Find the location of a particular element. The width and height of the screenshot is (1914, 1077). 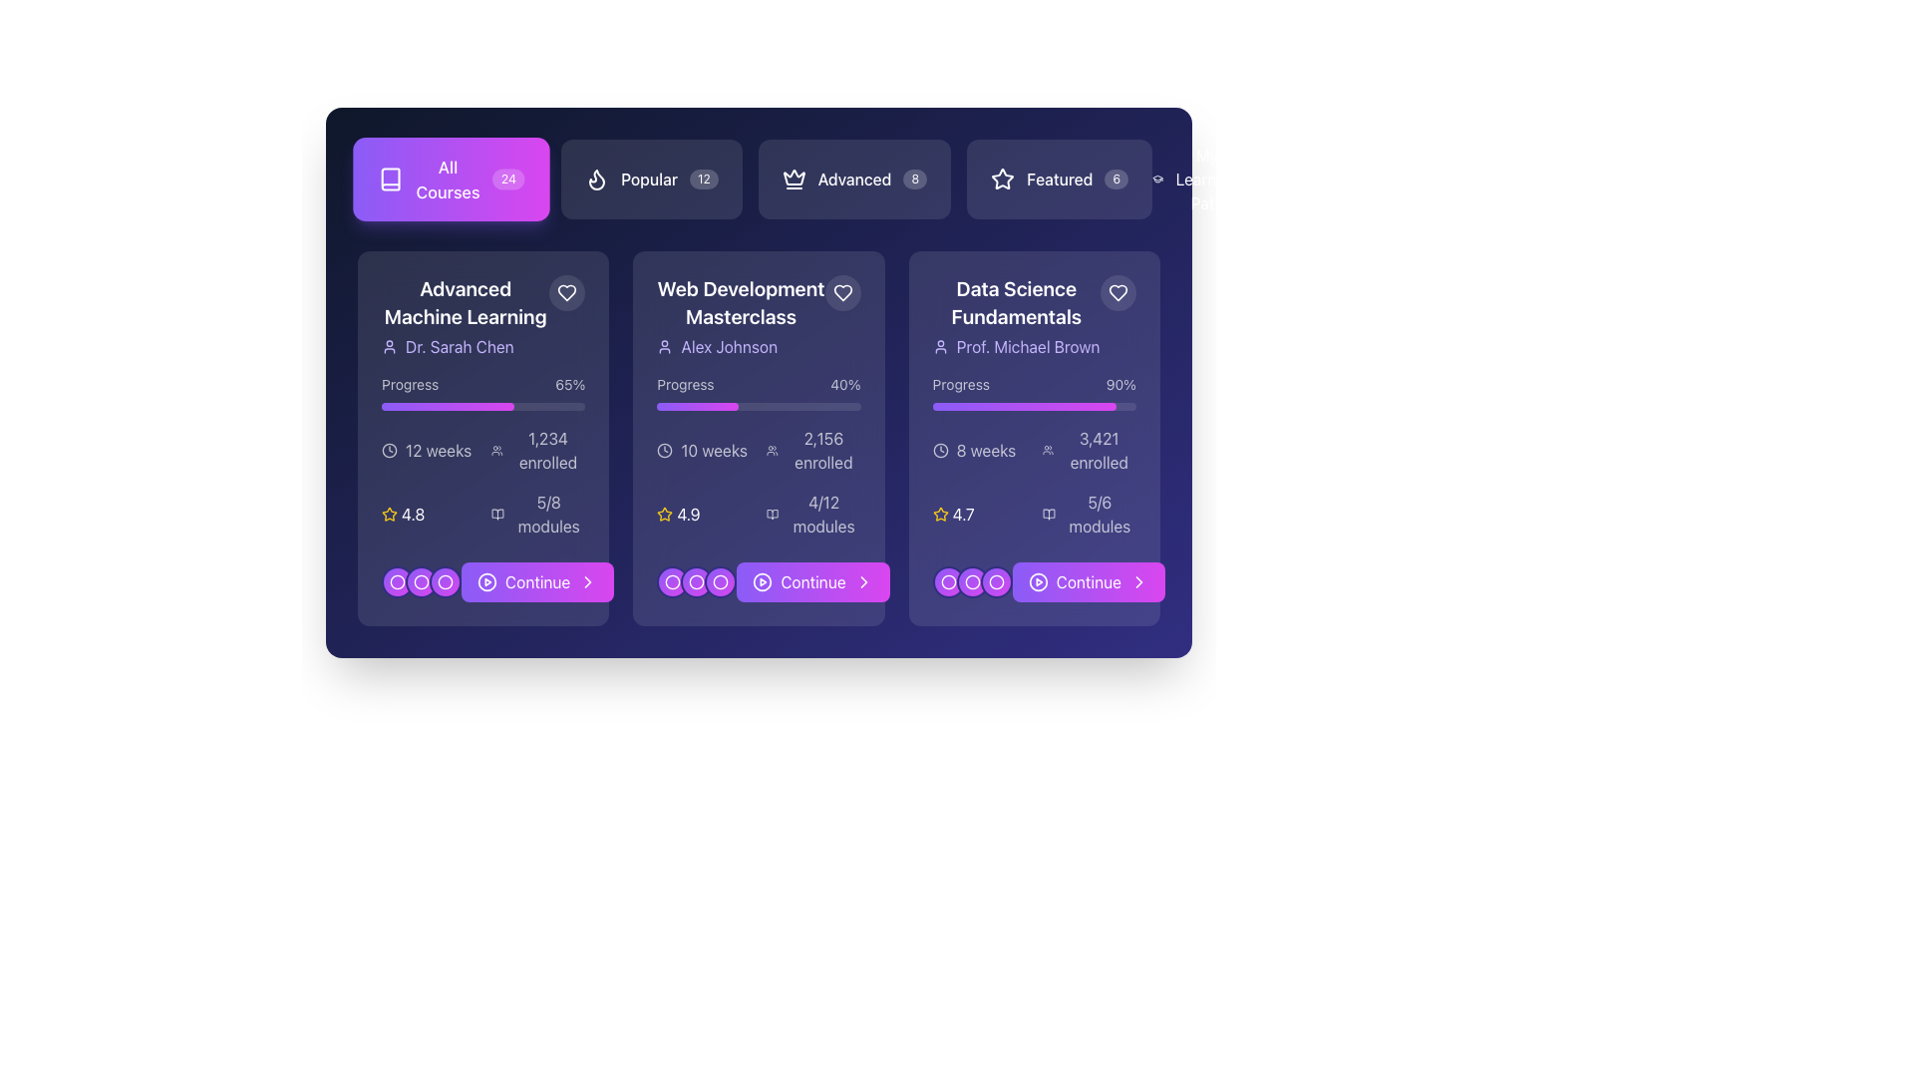

the progress percentage text label located to the right of the word 'Progress' and above the progress bar in the 'Data Science Fundamentals' card is located at coordinates (1120, 384).